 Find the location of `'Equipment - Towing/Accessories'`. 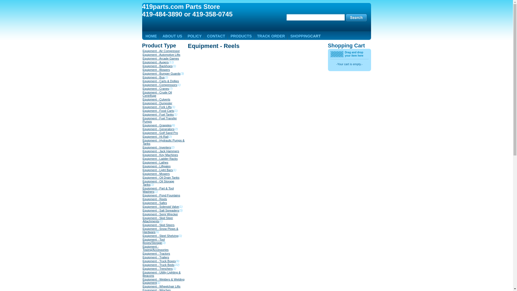

'Equipment - Towing/Accessories' is located at coordinates (155, 248).